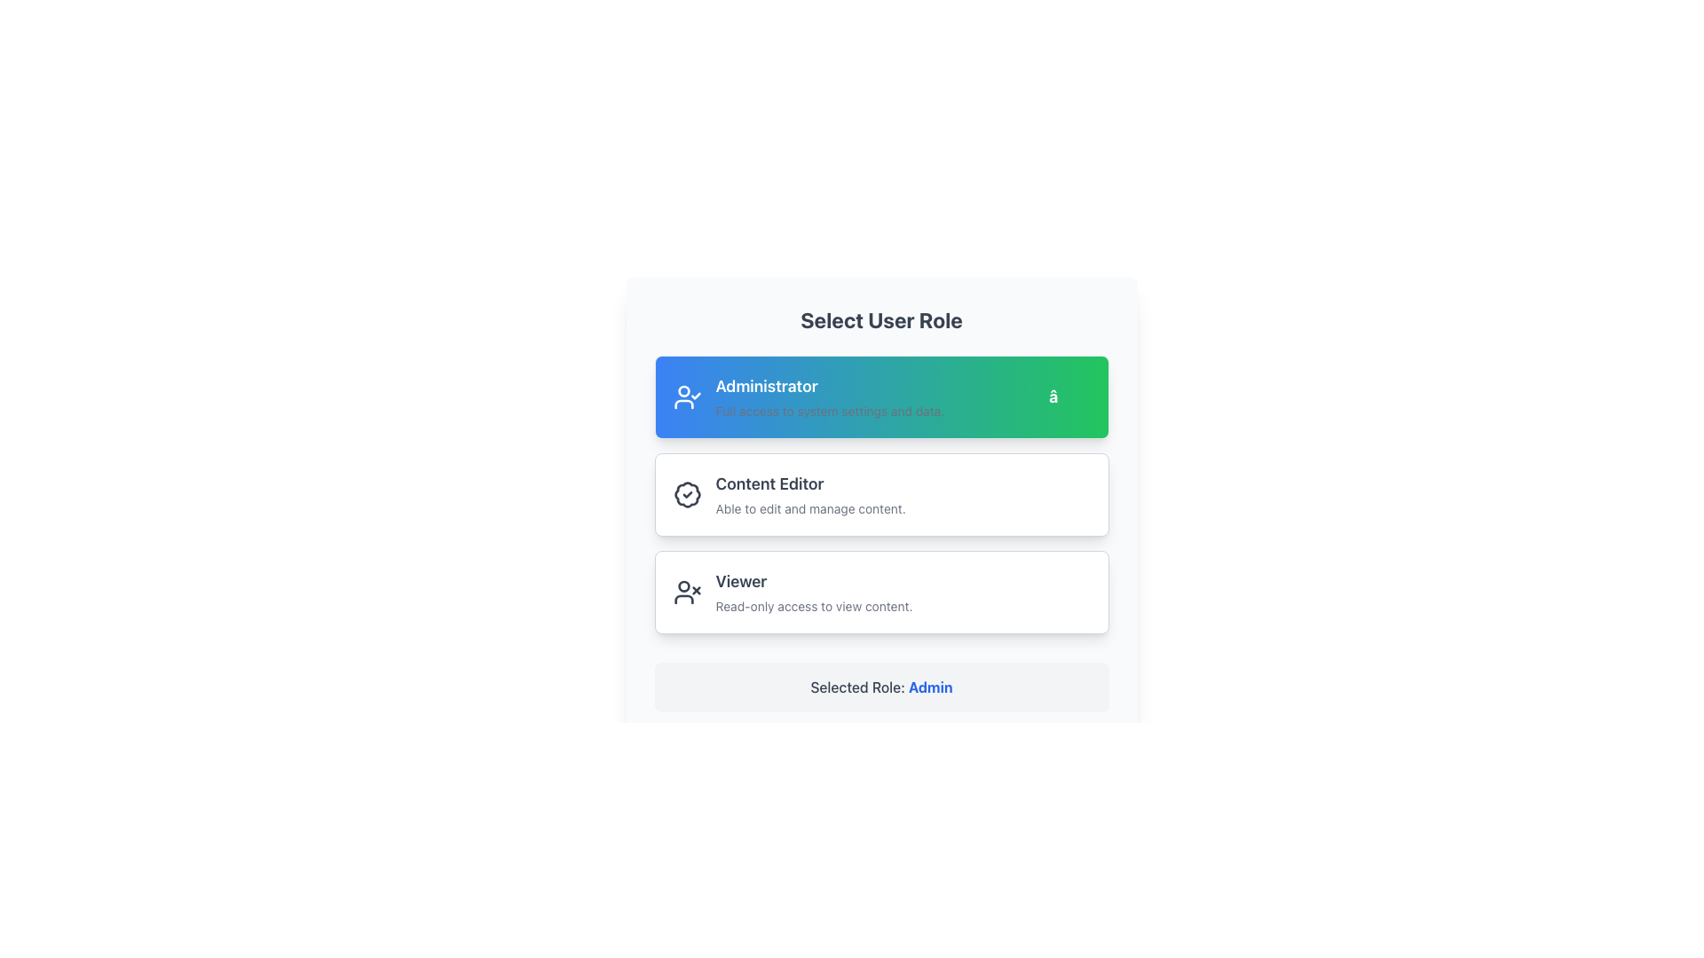  I want to click on the SVG Icon that indicates the role of 'Administrator', positioned left of the text 'Administrator' and 'Full access to system settings and data', so click(686, 396).